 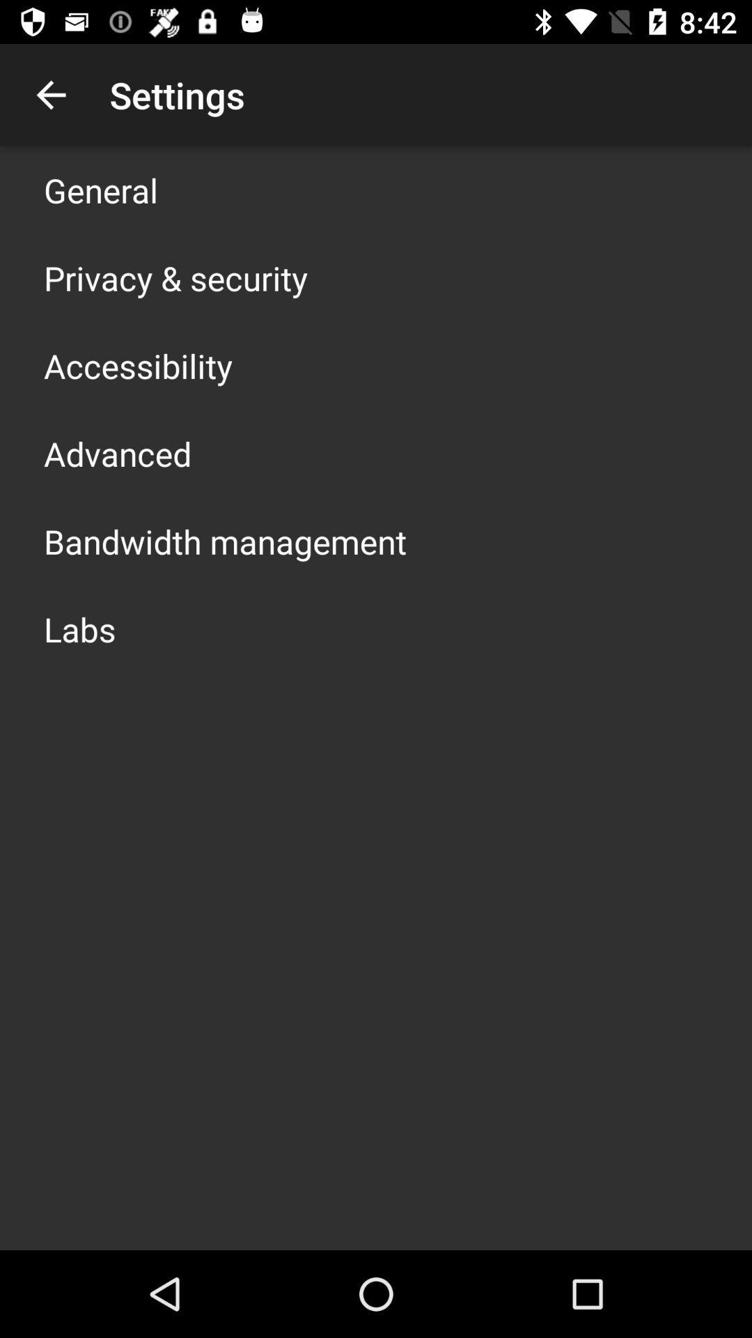 What do you see at coordinates (224, 541) in the screenshot?
I see `bandwidth management item` at bounding box center [224, 541].